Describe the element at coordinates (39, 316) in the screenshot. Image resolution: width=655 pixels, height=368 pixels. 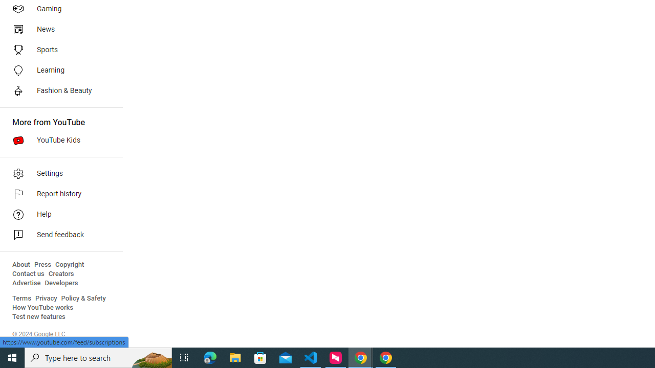
I see `'Test new features'` at that location.